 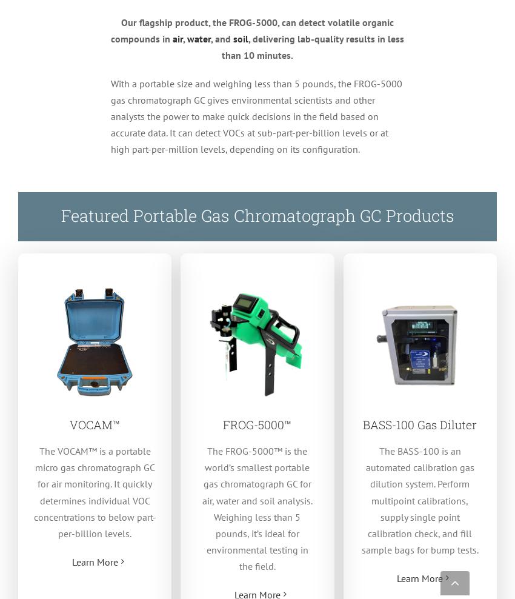 What do you see at coordinates (419, 424) in the screenshot?
I see `'BASS-100 Gas Diluter'` at bounding box center [419, 424].